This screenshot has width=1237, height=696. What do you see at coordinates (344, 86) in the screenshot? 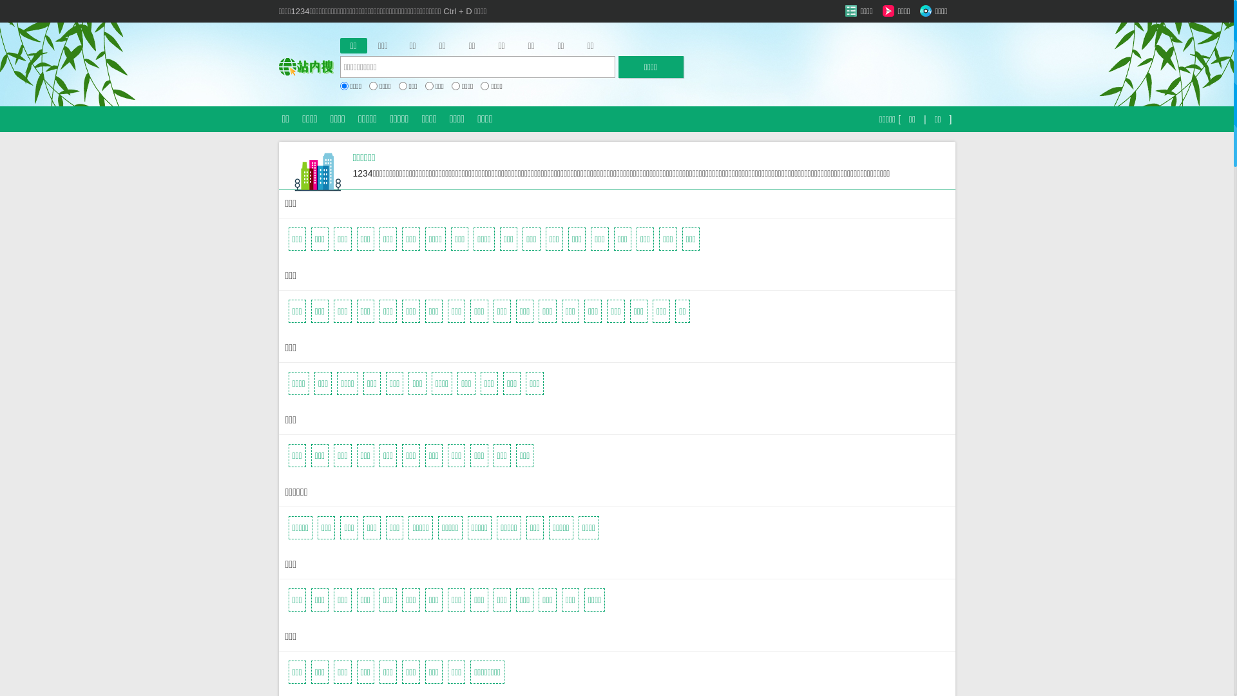
I see `'on'` at bounding box center [344, 86].